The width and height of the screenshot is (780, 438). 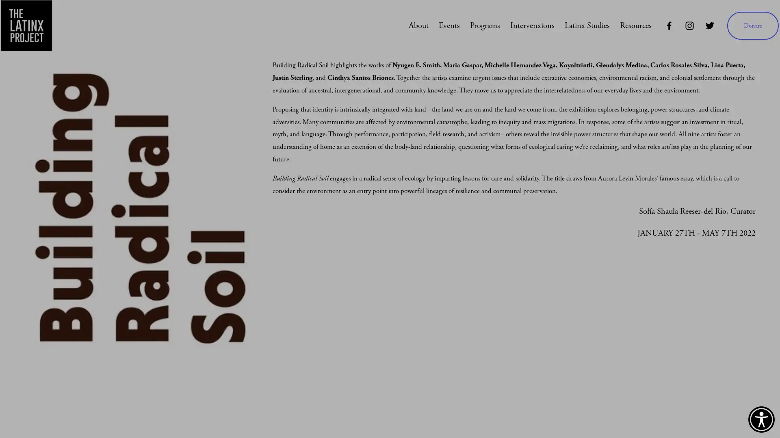 What do you see at coordinates (761, 419) in the screenshot?
I see `Accessibility Menu` at bounding box center [761, 419].